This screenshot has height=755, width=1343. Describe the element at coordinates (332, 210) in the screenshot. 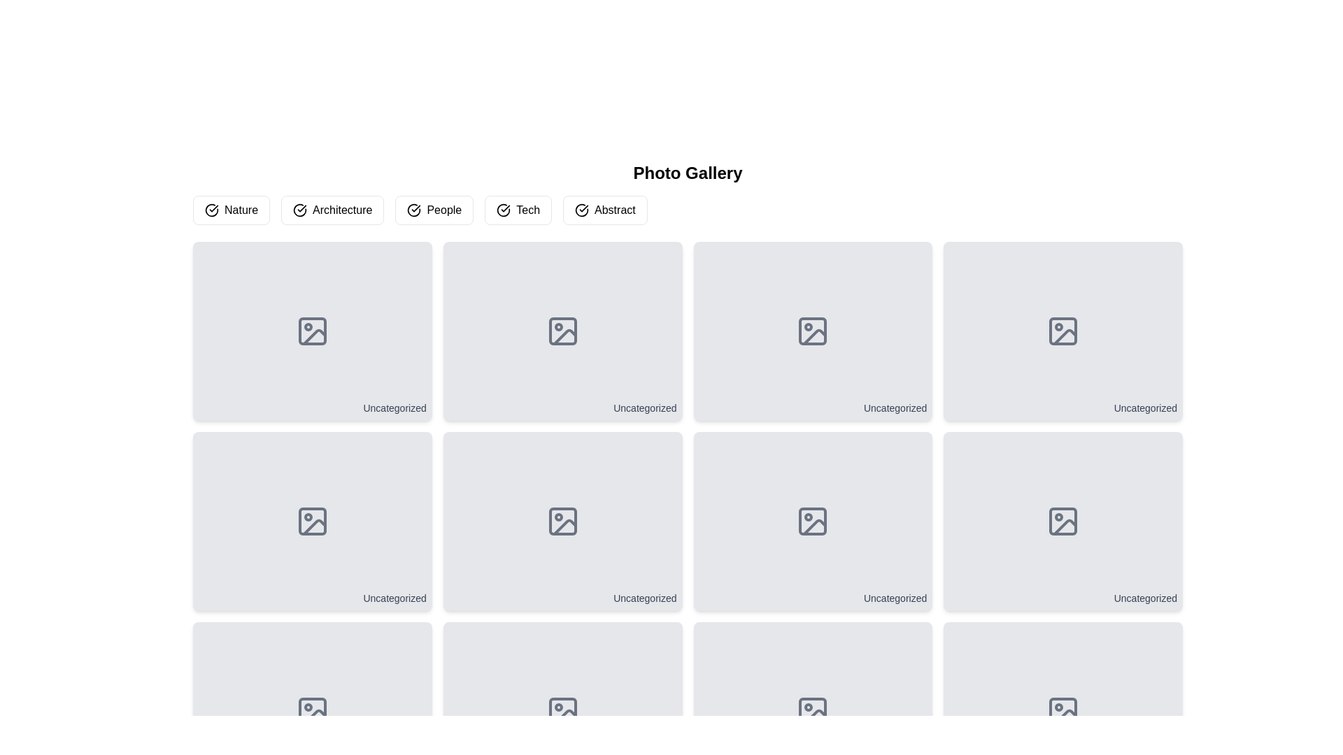

I see `the 'Architecture' button, which is the second button in a row of category buttons with a white background and black text` at that location.